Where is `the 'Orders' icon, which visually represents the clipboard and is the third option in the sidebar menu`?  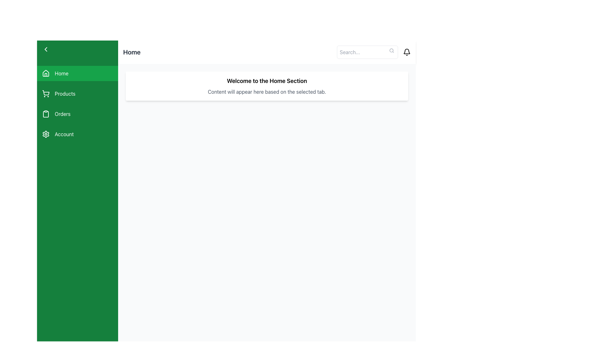
the 'Orders' icon, which visually represents the clipboard and is the third option in the sidebar menu is located at coordinates (45, 114).